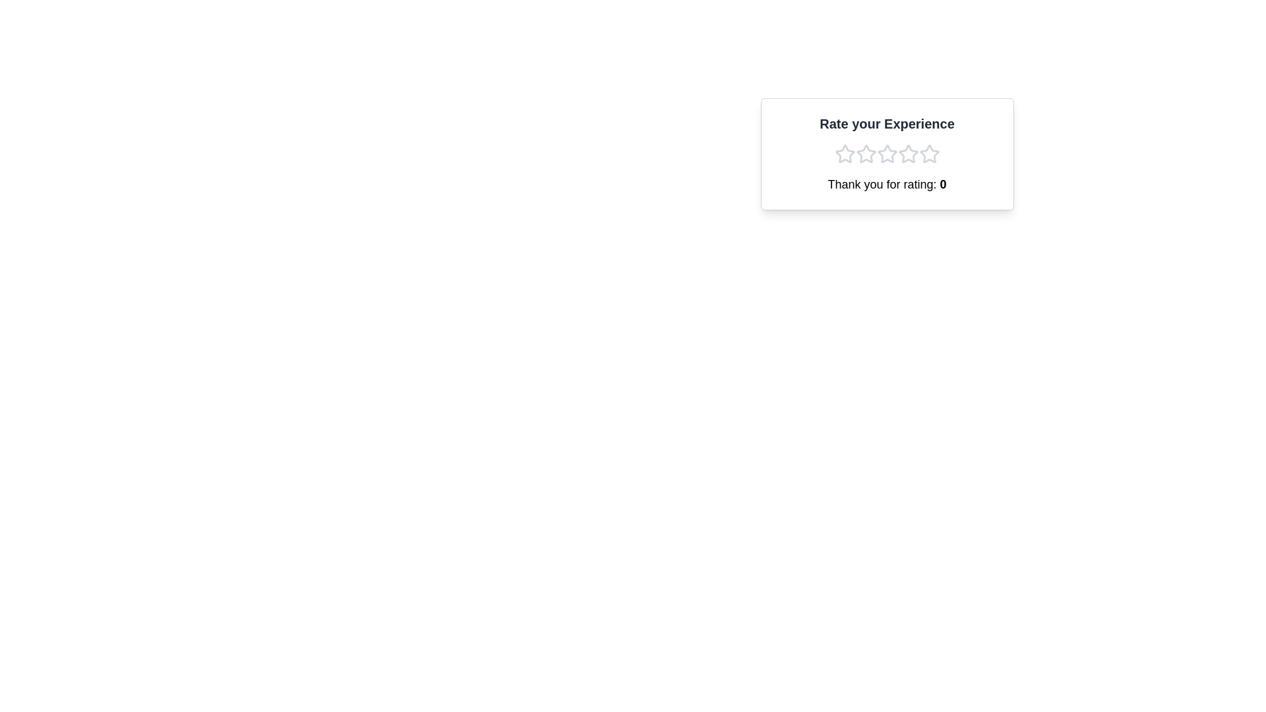 The width and height of the screenshot is (1266, 712). What do you see at coordinates (928, 153) in the screenshot?
I see `the fifth star in the rating system, which represents the maximum rating option` at bounding box center [928, 153].